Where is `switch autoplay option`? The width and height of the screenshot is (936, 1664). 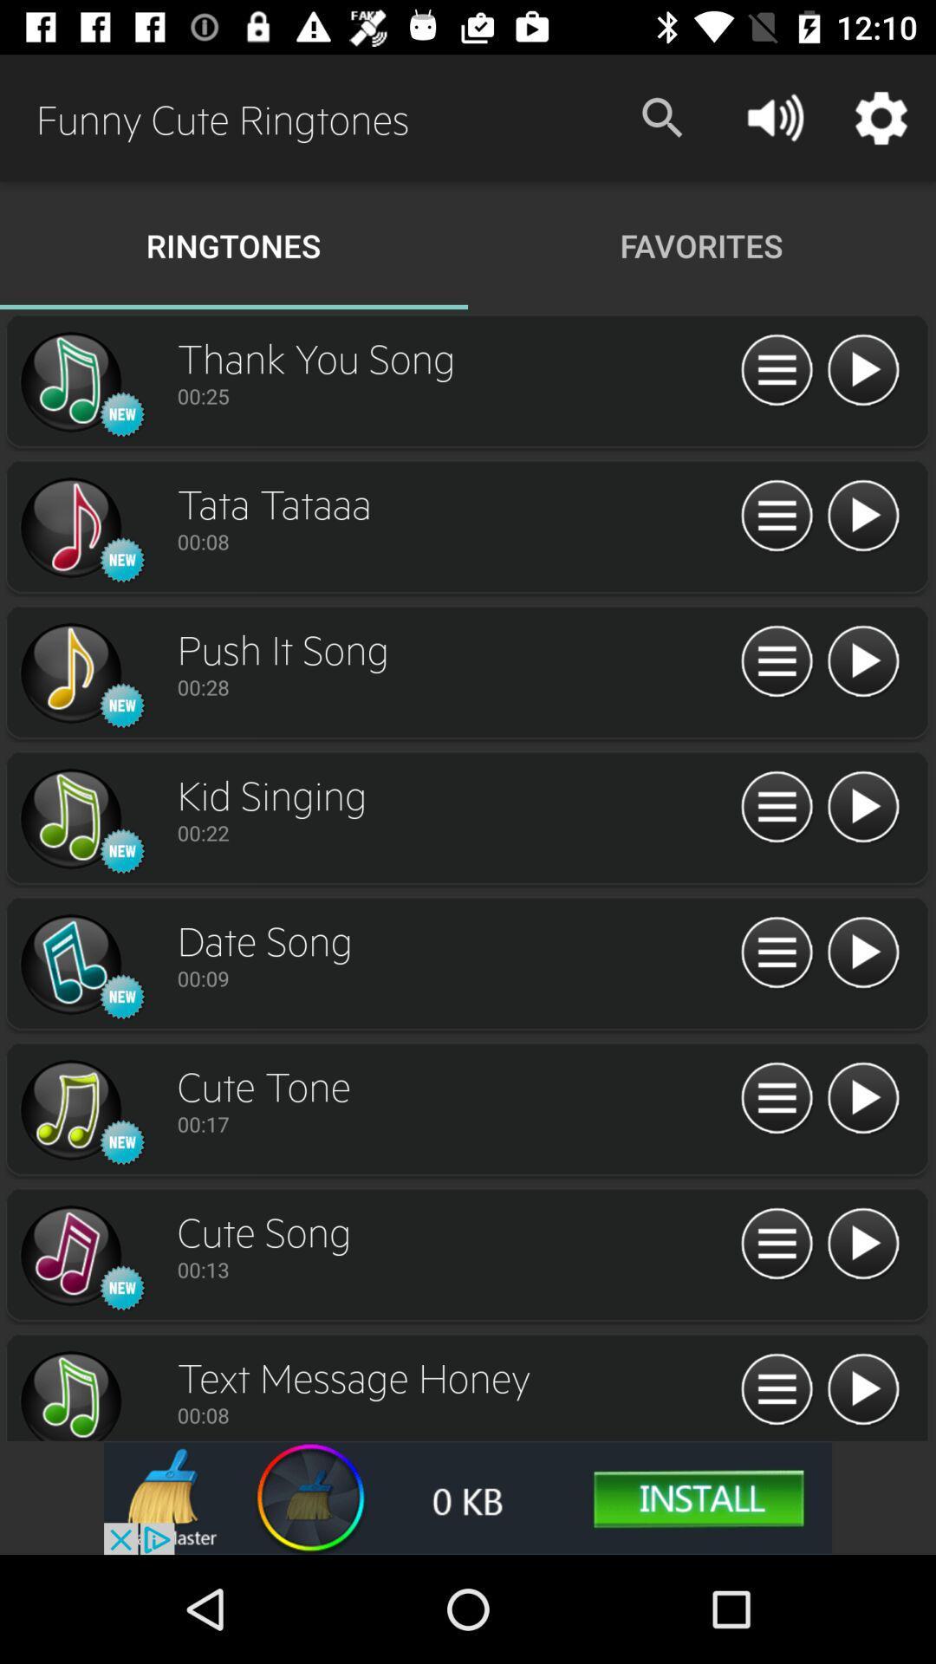 switch autoplay option is located at coordinates (69, 381).